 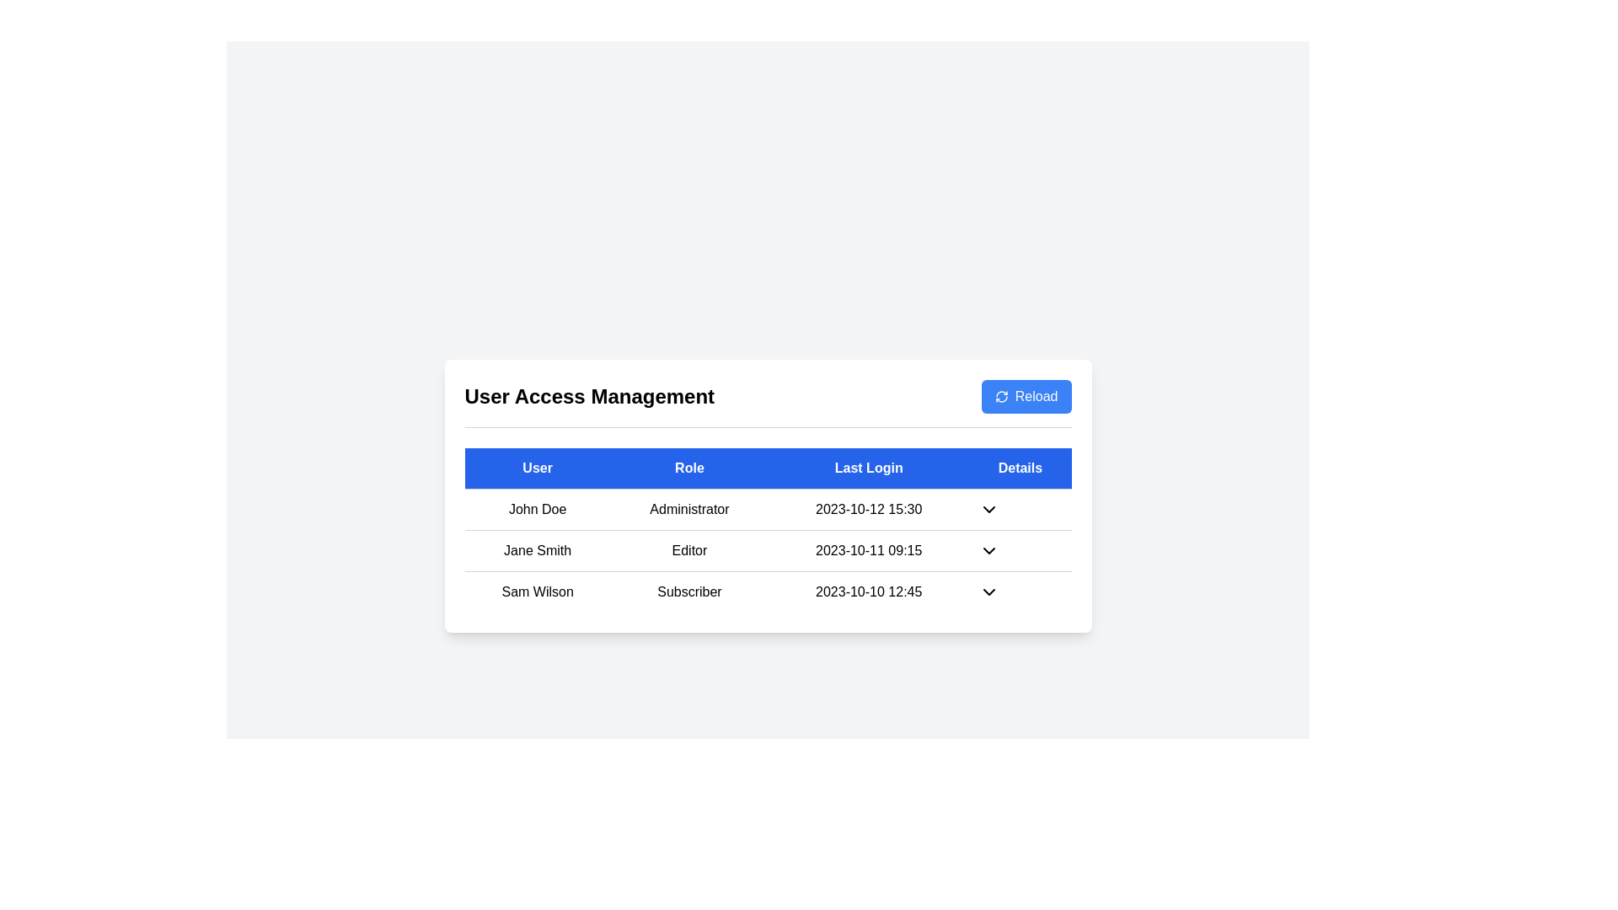 I want to click on the text label indicating the user name 'Sam Wilson' in the Subscriber row of the table under the User column, so click(x=537, y=591).